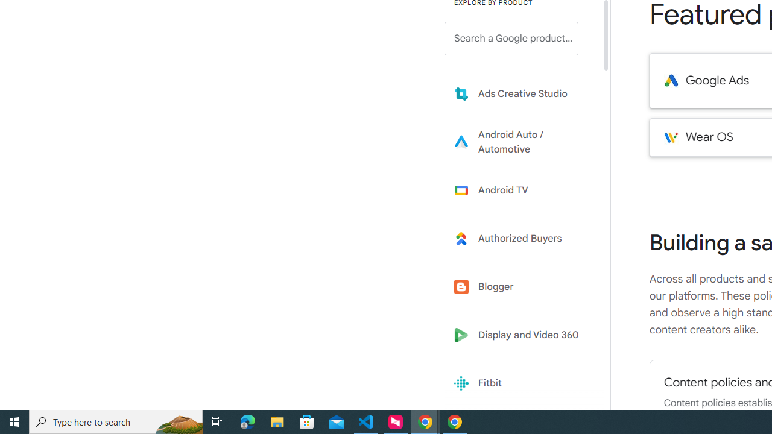  Describe the element at coordinates (520, 335) in the screenshot. I see `'Display and Video 360'` at that location.